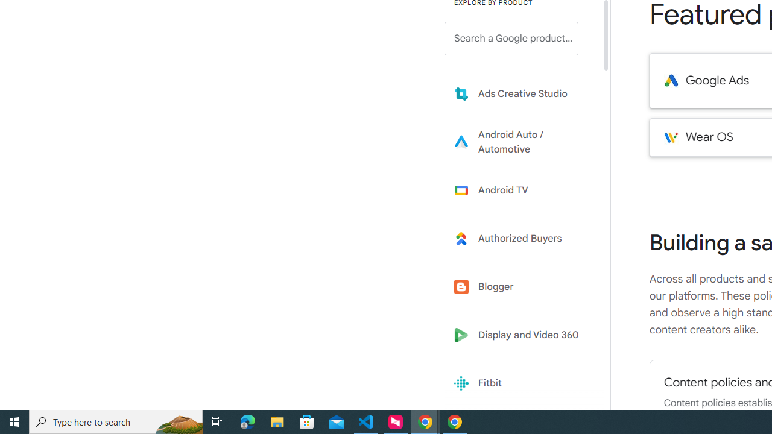  Describe the element at coordinates (520, 335) in the screenshot. I see `'Display and Video 360'` at that location.